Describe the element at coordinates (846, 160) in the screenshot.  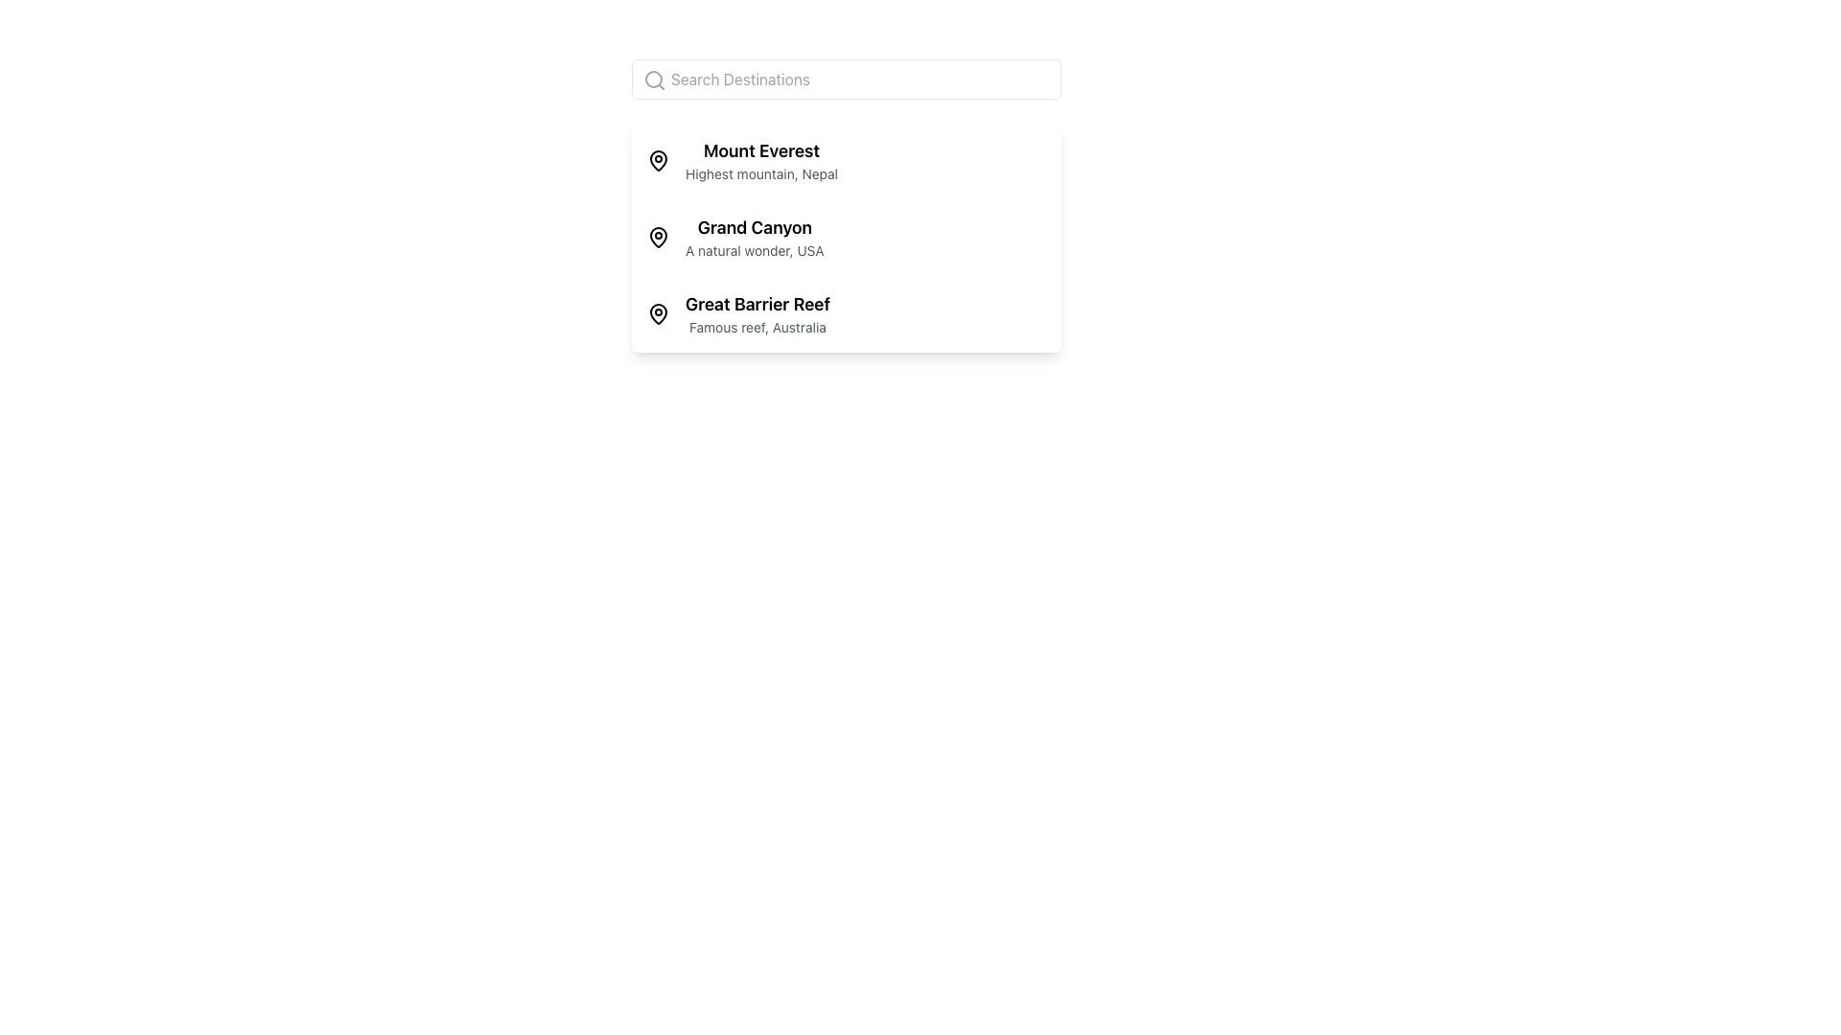
I see `the first list entry representing 'Mount Everest'` at that location.